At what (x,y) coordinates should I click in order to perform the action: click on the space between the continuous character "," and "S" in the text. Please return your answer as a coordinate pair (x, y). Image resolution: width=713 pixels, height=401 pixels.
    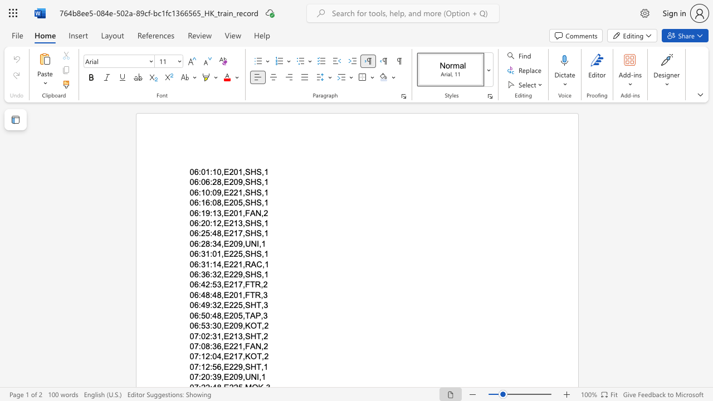
    Looking at the image, I should click on (245, 254).